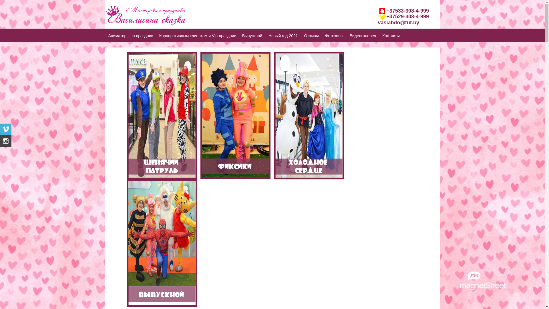  Describe the element at coordinates (0, 129) in the screenshot. I see `'vimeo'` at that location.